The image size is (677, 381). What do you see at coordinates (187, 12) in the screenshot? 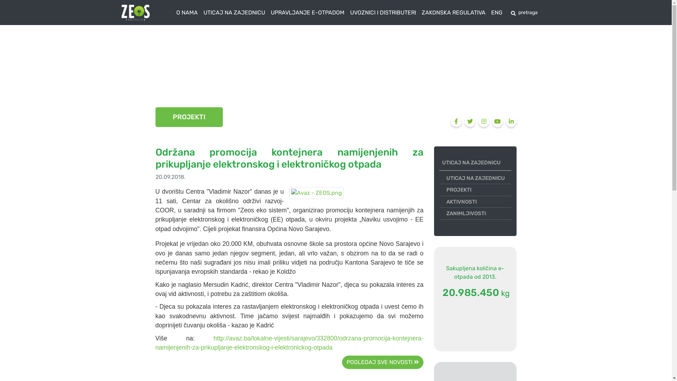
I see `'O NAMA'` at bounding box center [187, 12].